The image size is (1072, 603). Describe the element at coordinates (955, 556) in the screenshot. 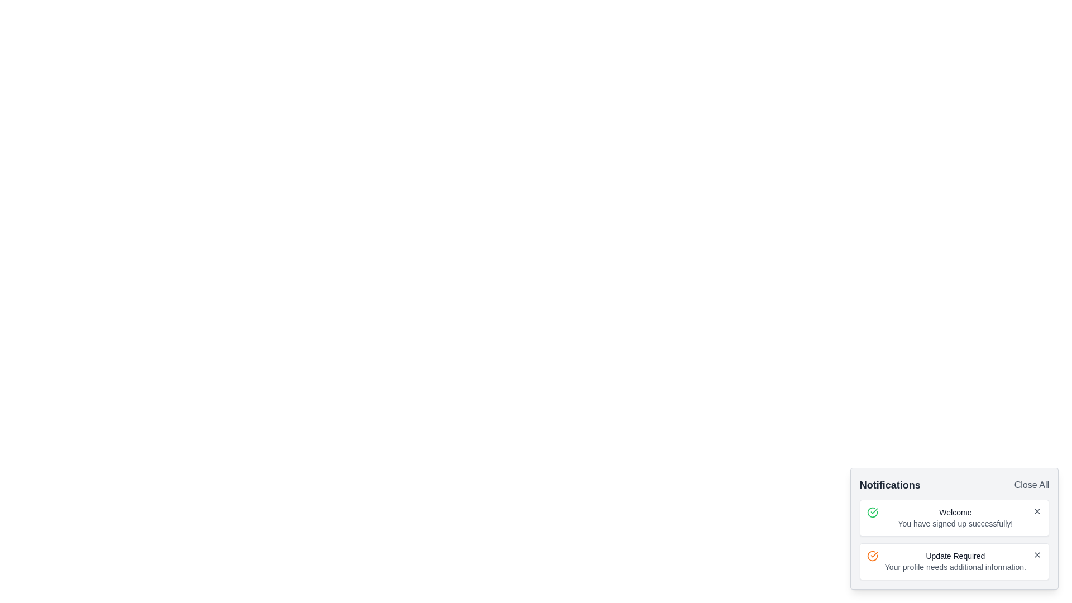

I see `the text label displaying 'Update Required' in bold, dark gray font located in the Notifications section of the notification card` at that location.